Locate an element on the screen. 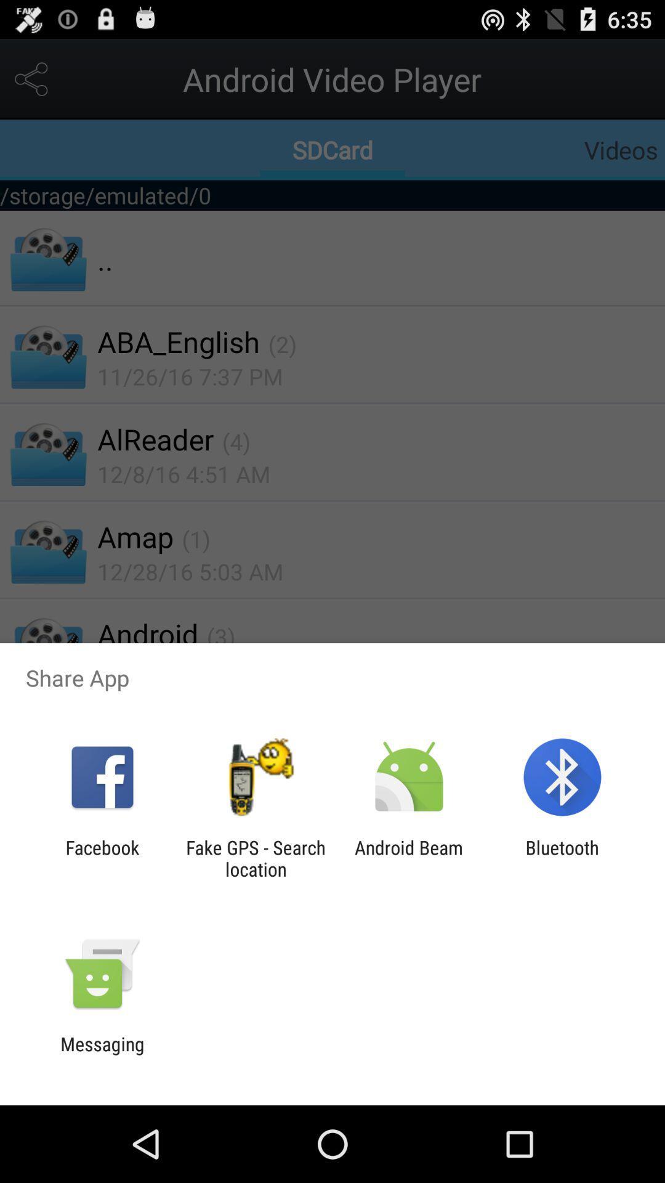 The width and height of the screenshot is (665, 1183). bluetooth item is located at coordinates (562, 858).